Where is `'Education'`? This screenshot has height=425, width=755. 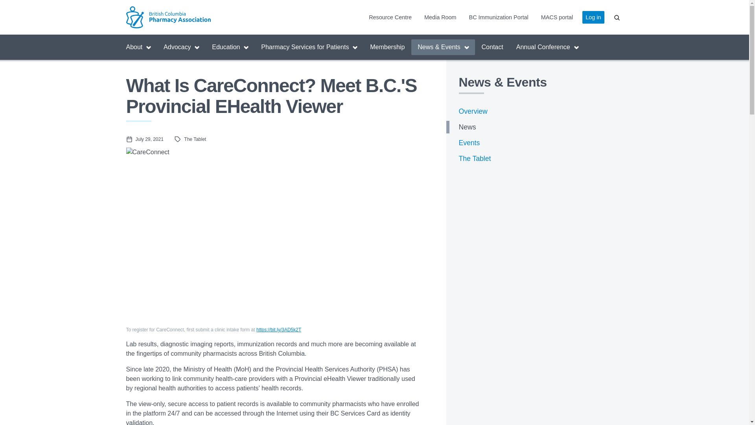 'Education' is located at coordinates (230, 47).